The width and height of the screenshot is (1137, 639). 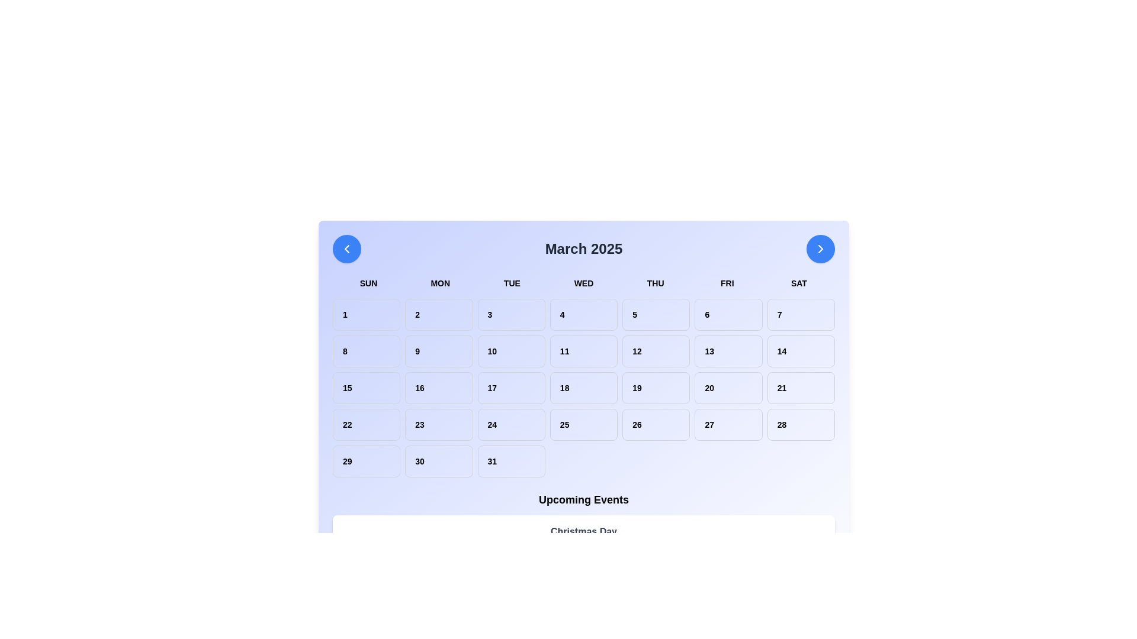 What do you see at coordinates (438, 351) in the screenshot?
I see `the button representing the 9th day of the month` at bounding box center [438, 351].